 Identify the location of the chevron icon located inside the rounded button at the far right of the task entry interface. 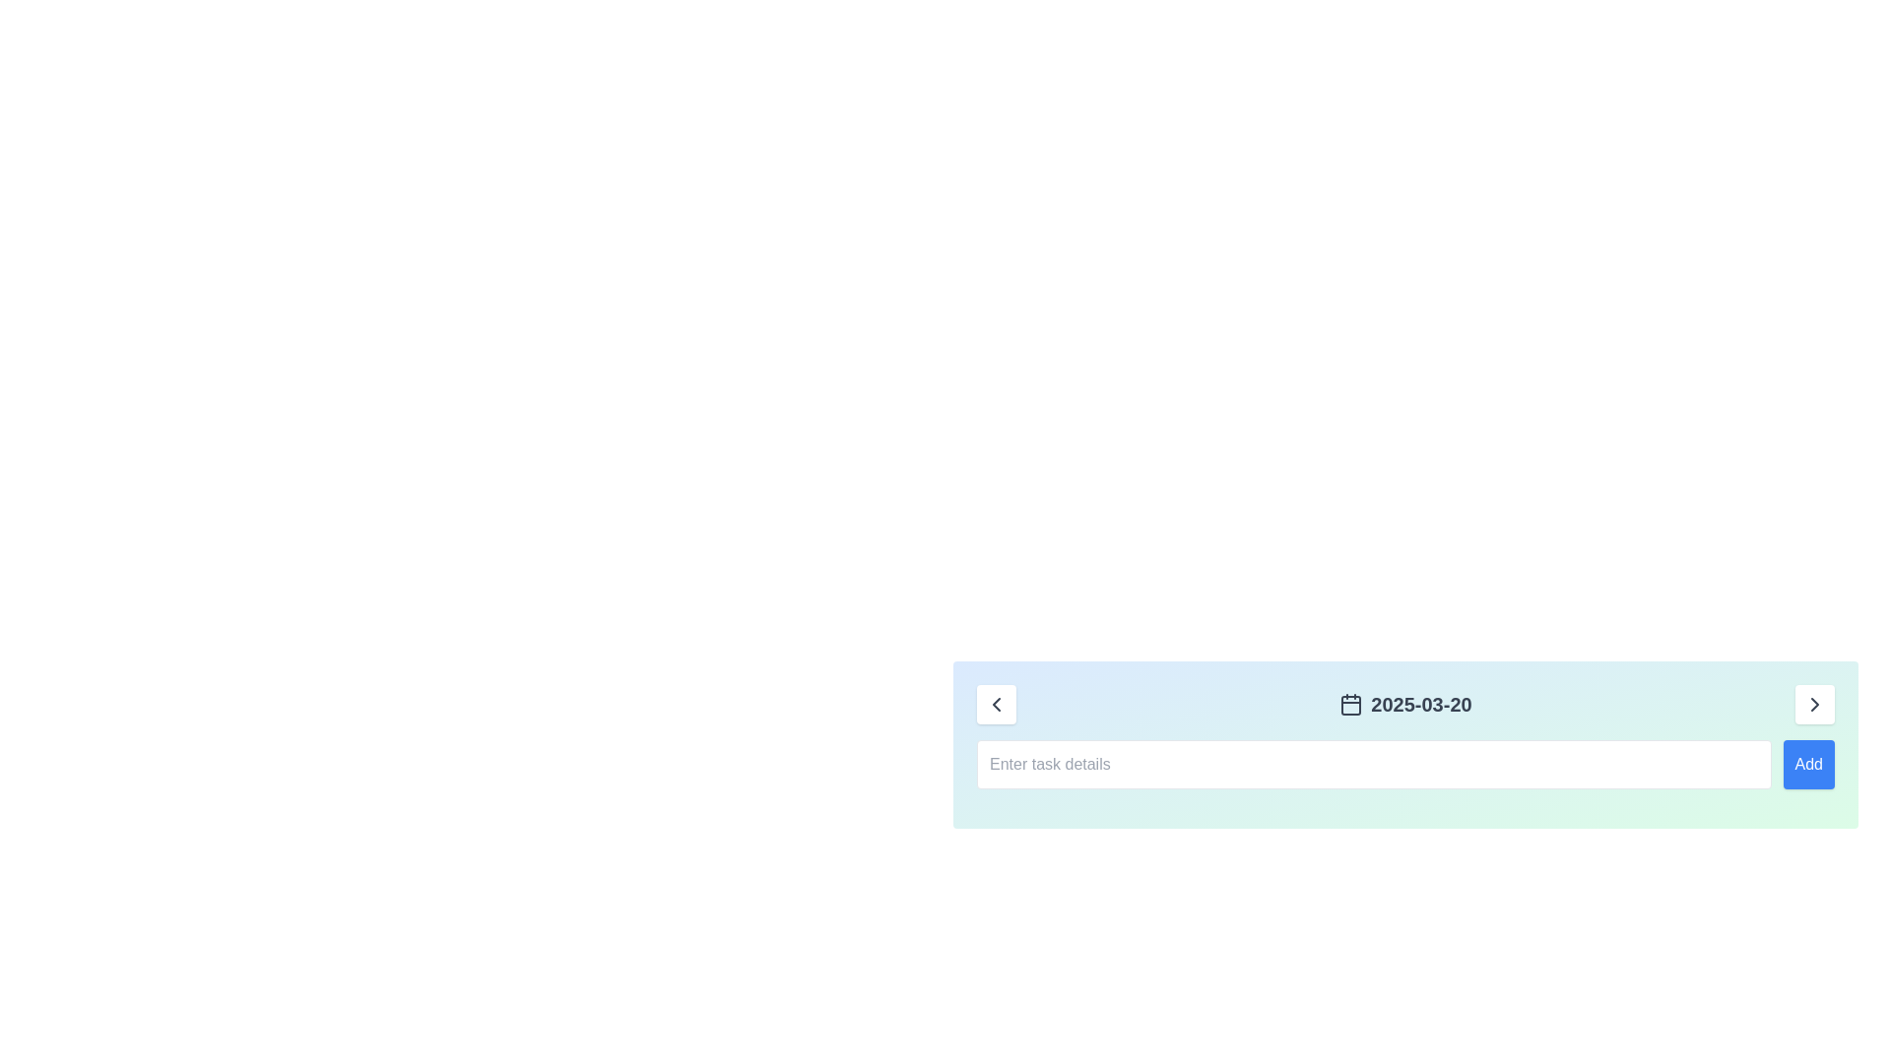
(1814, 704).